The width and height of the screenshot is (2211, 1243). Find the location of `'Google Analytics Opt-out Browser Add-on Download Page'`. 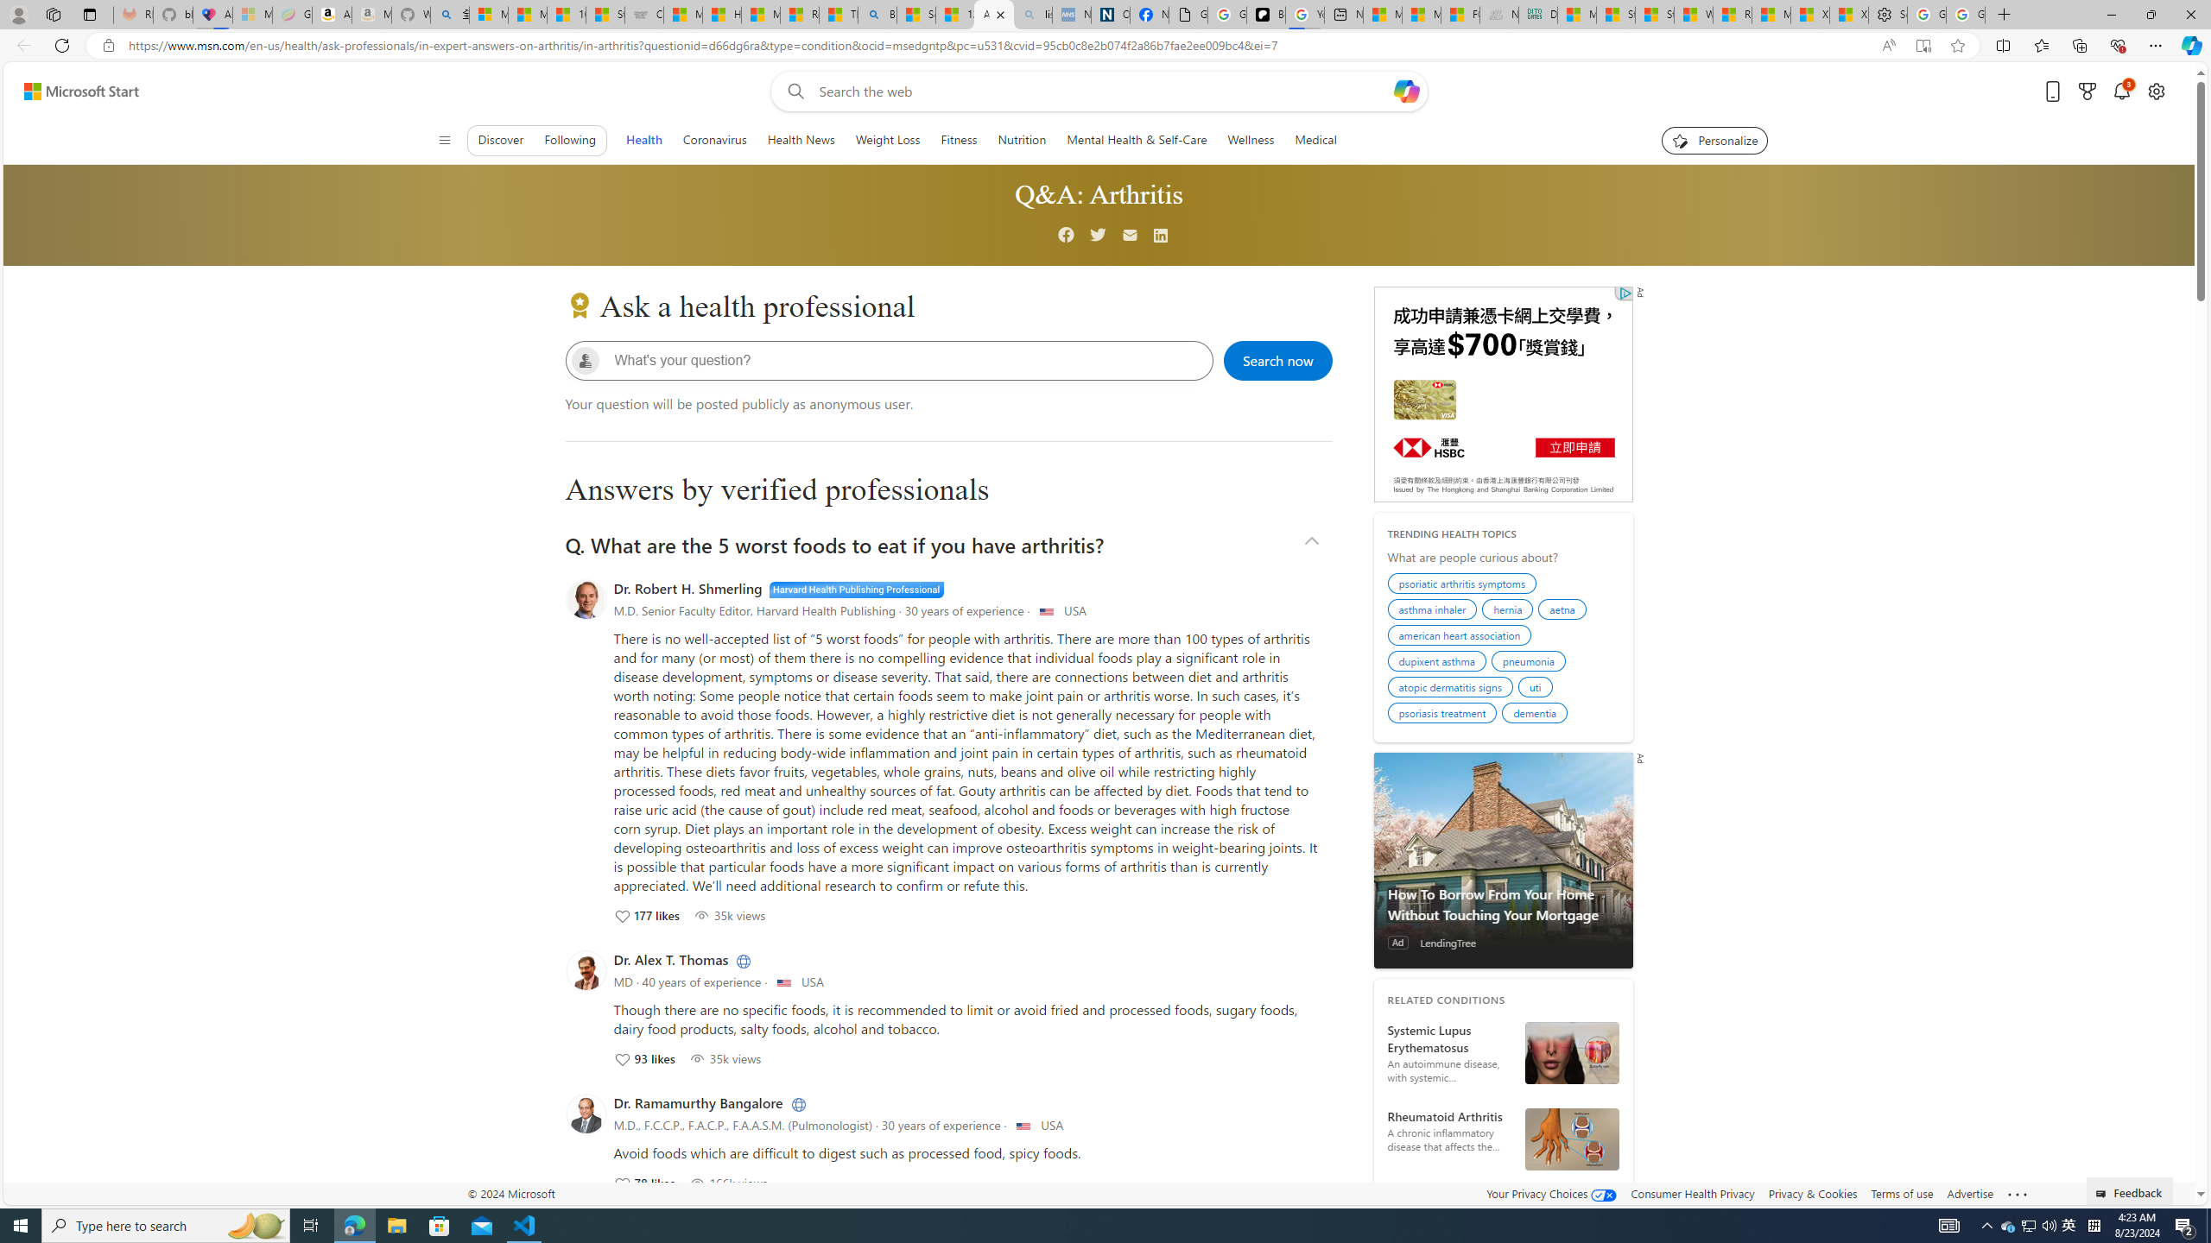

'Google Analytics Opt-out Browser Add-on Download Page' is located at coordinates (1188, 14).